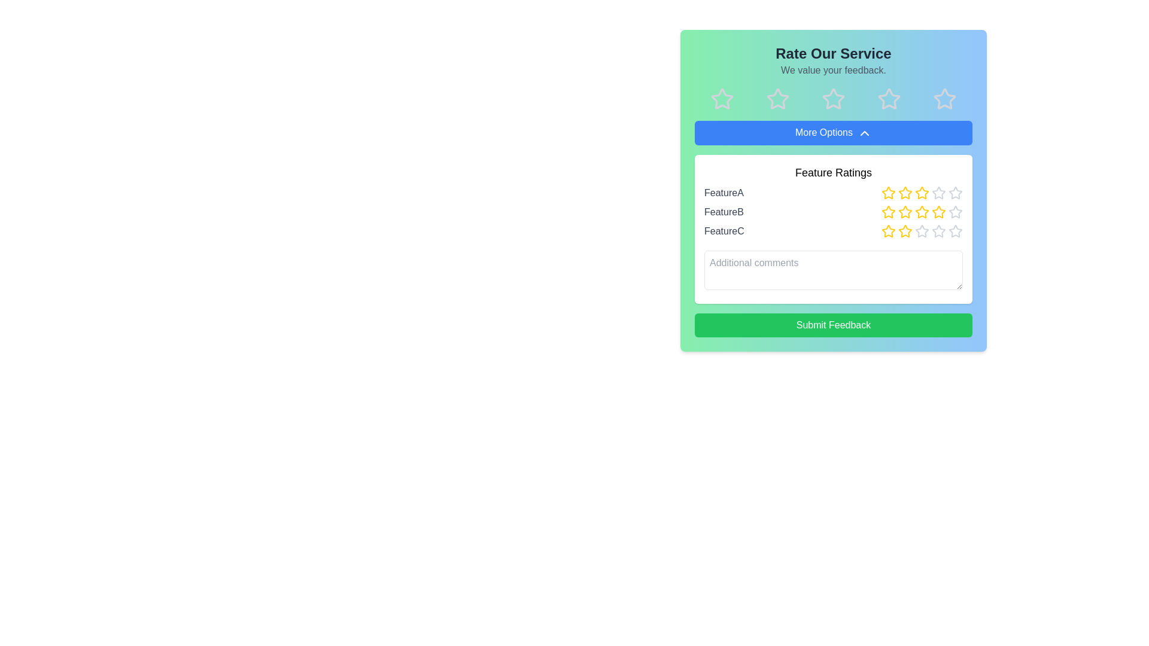 The width and height of the screenshot is (1149, 646). What do you see at coordinates (888, 230) in the screenshot?
I see `the second star in the rating system for FeatureC` at bounding box center [888, 230].